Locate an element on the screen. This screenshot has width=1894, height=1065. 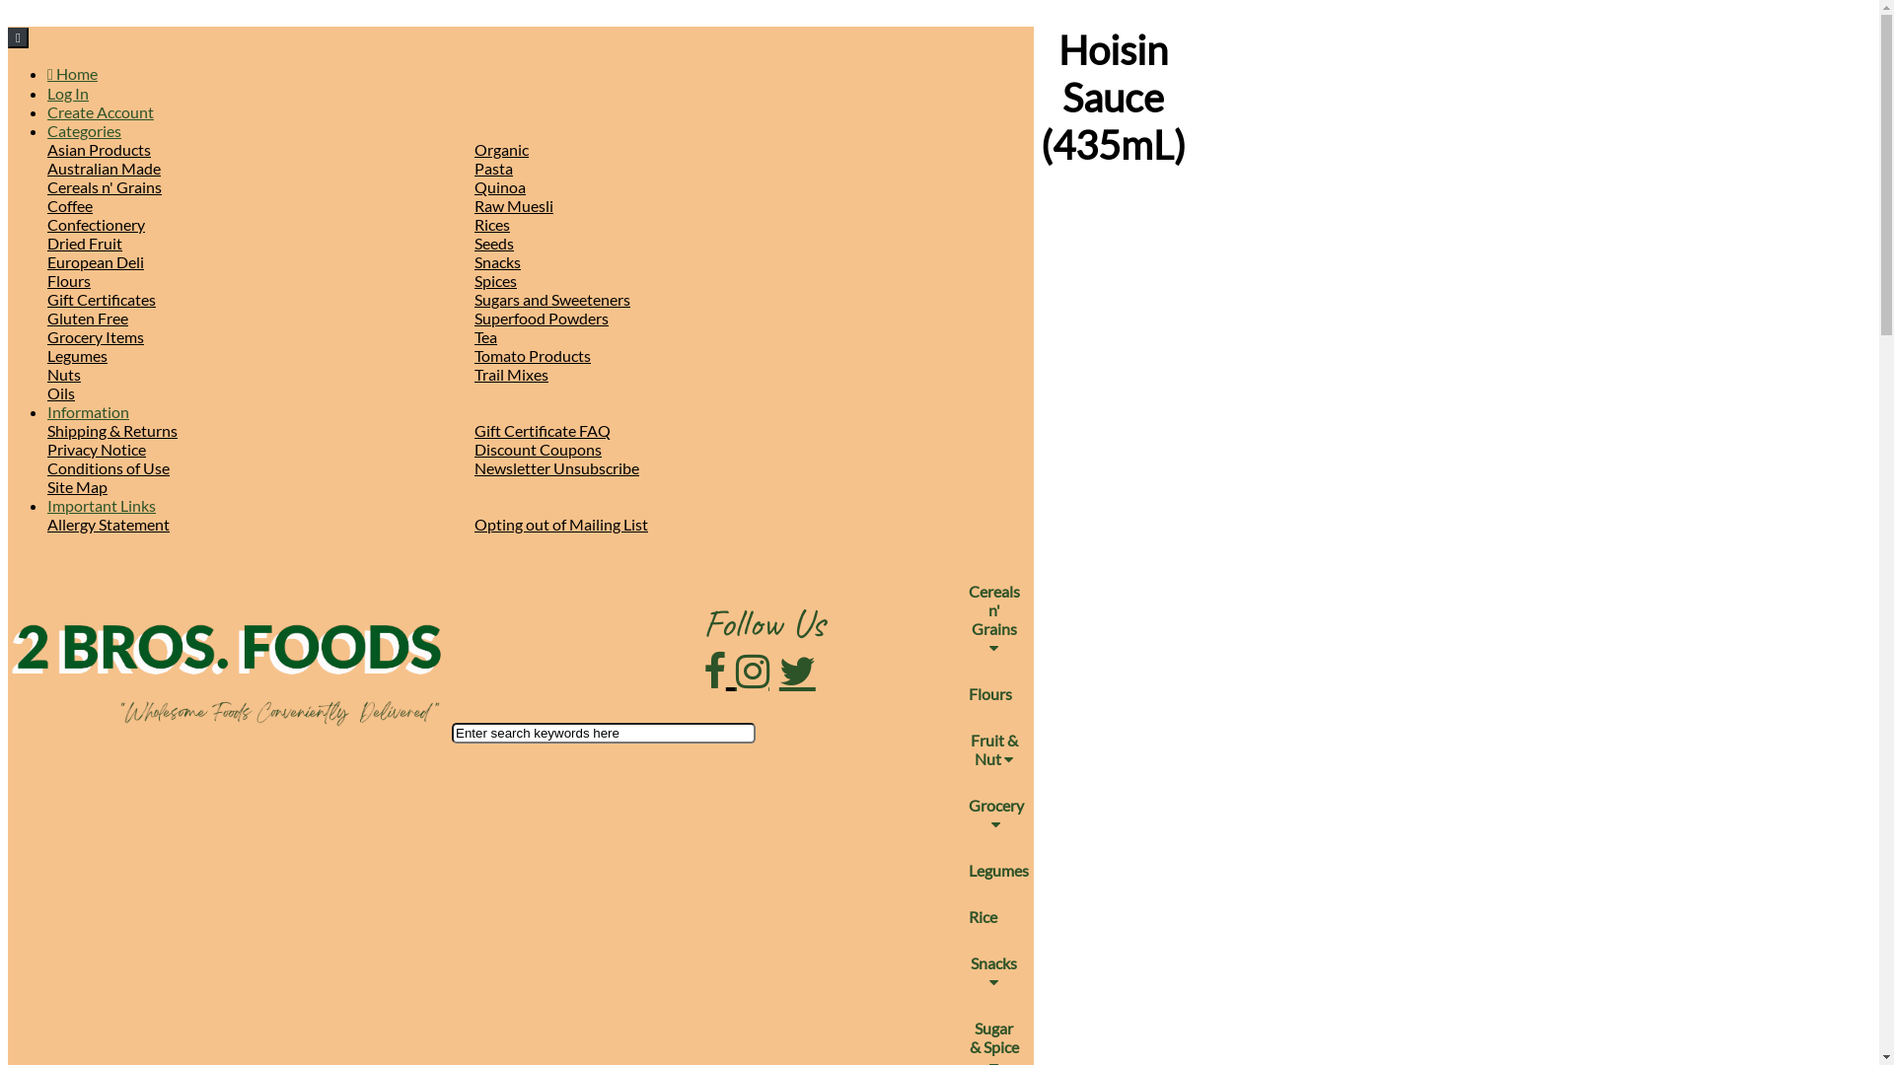
'Rice' is located at coordinates (955, 916).